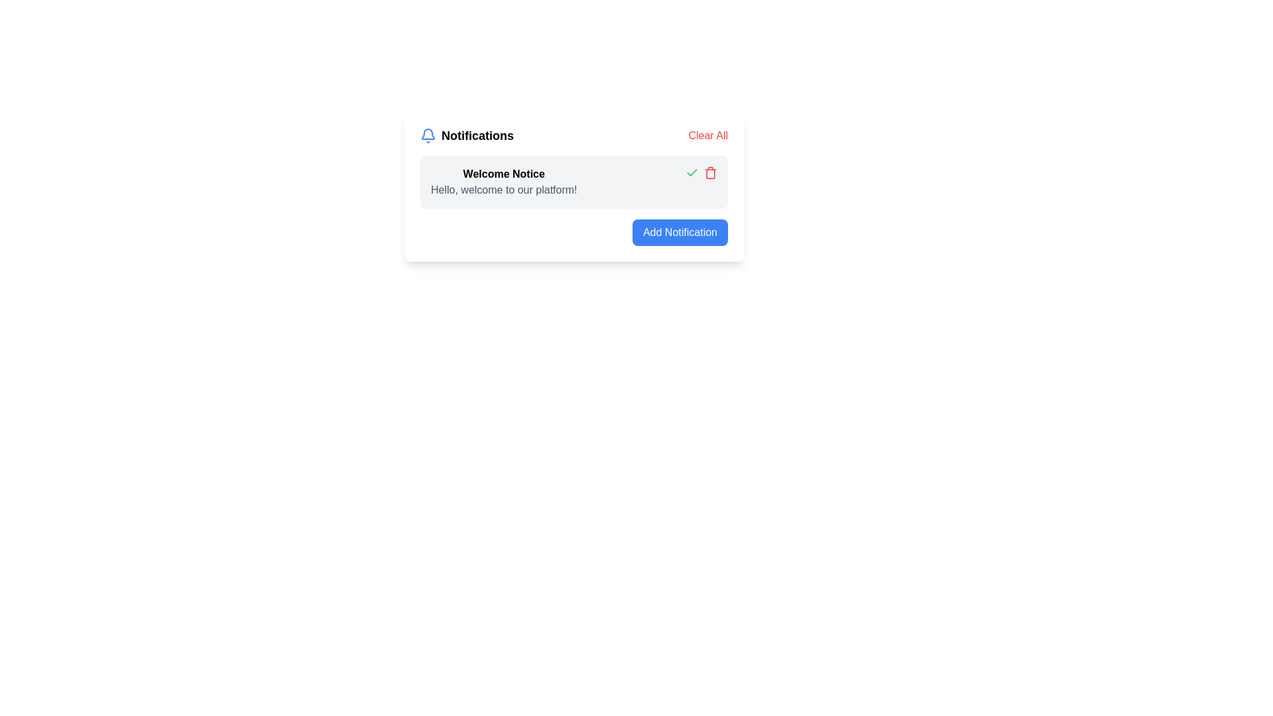  I want to click on the 'Add Notification' button with rounded corners that has a blue background and white text, so click(680, 232).